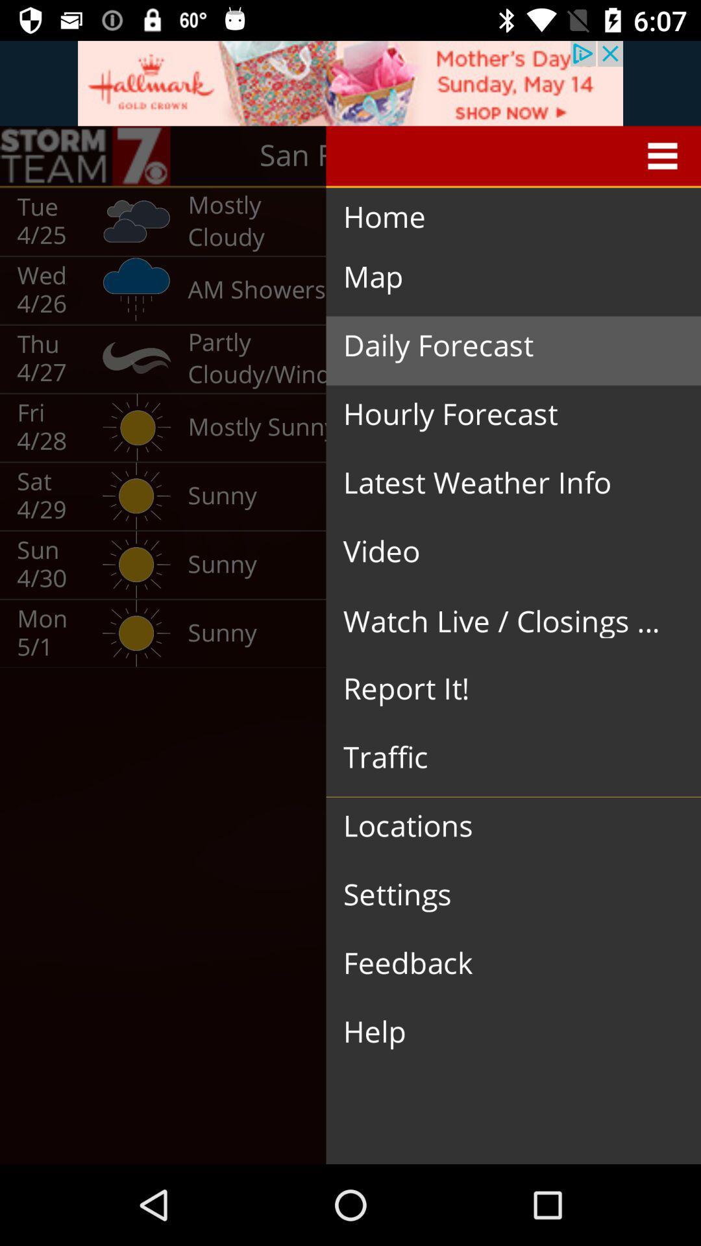 The width and height of the screenshot is (701, 1246). I want to click on the item next to am showers, so click(502, 346).